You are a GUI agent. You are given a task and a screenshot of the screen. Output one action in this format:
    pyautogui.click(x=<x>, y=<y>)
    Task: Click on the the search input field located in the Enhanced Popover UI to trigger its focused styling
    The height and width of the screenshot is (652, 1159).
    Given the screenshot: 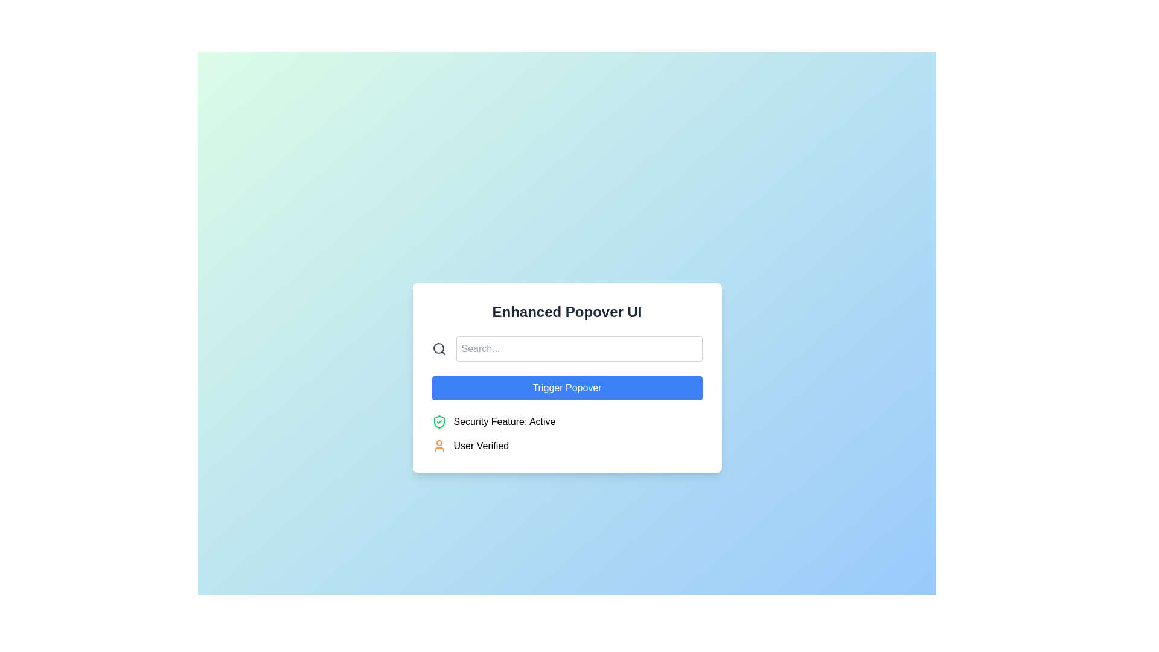 What is the action you would take?
    pyautogui.click(x=578, y=349)
    